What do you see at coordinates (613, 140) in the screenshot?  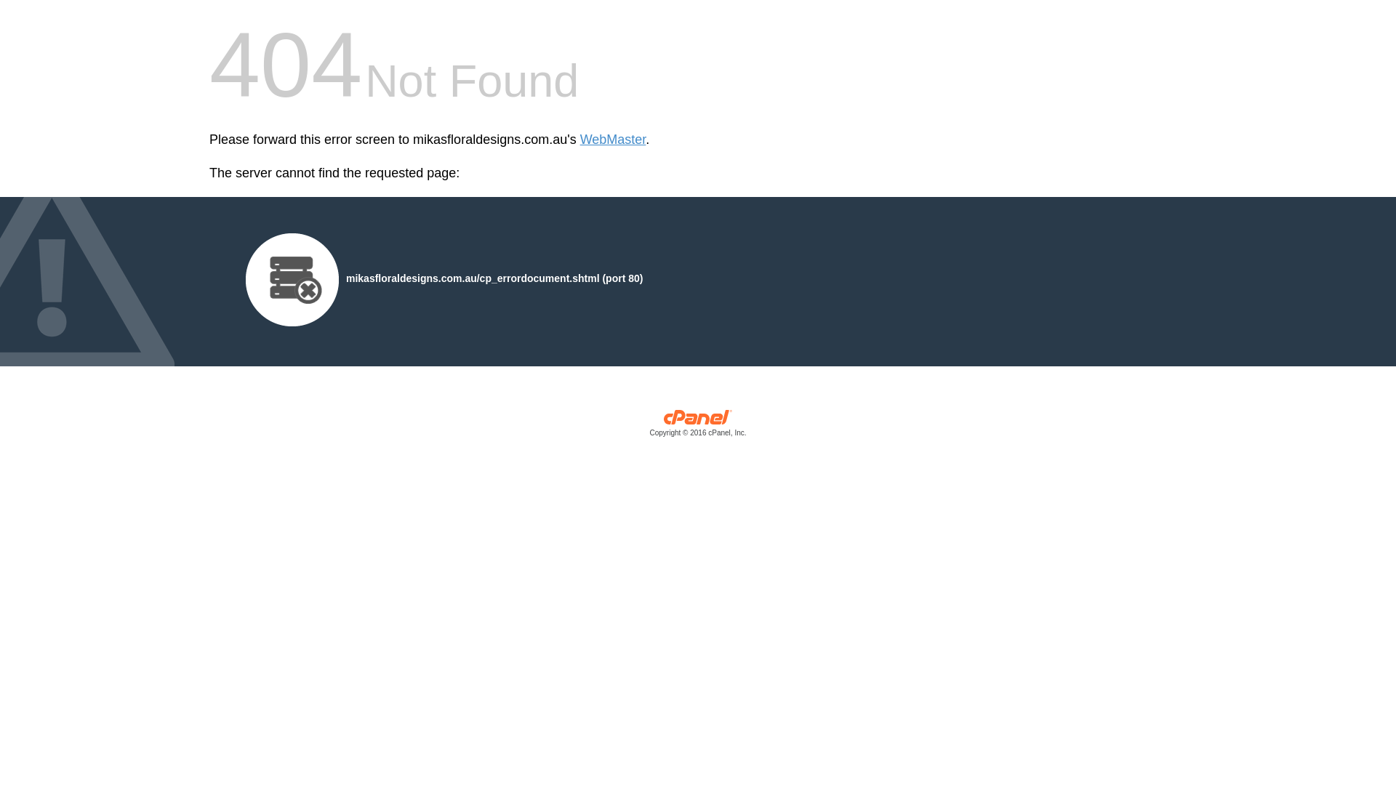 I see `'WebMaster'` at bounding box center [613, 140].